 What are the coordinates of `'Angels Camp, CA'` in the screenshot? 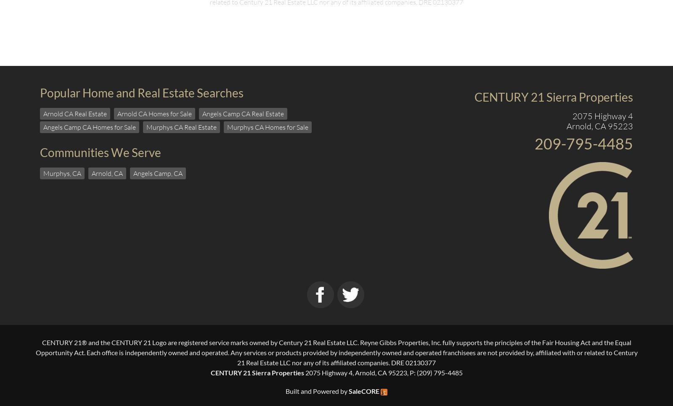 It's located at (158, 173).